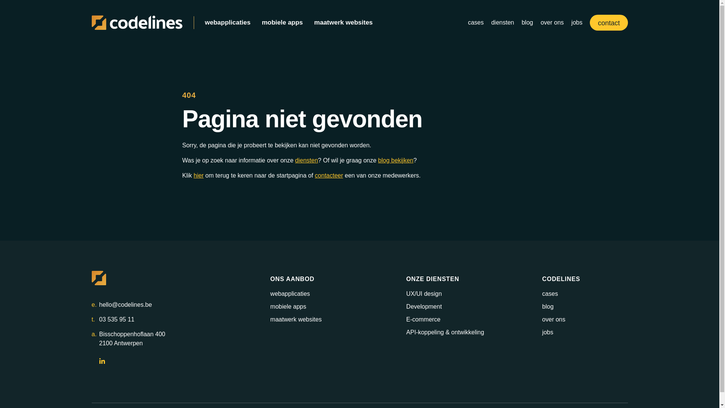 This screenshot has height=408, width=725. Describe the element at coordinates (609, 22) in the screenshot. I see `'contact'` at that location.